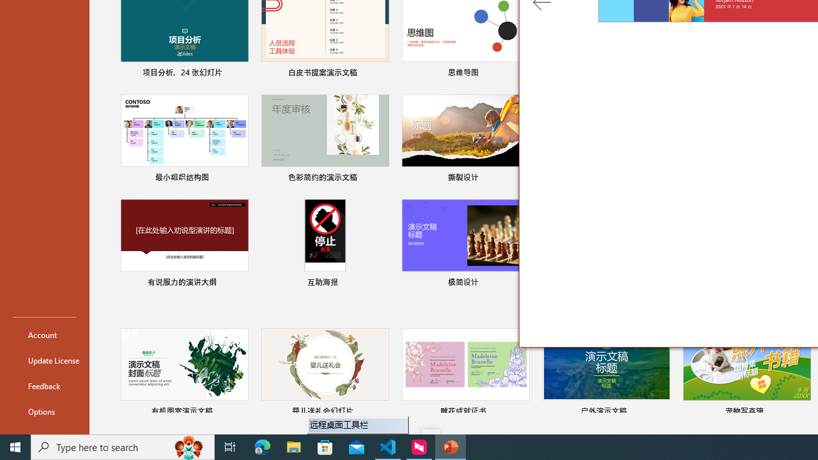 The width and height of the screenshot is (818, 460). What do you see at coordinates (44, 360) in the screenshot?
I see `'Update License'` at bounding box center [44, 360].